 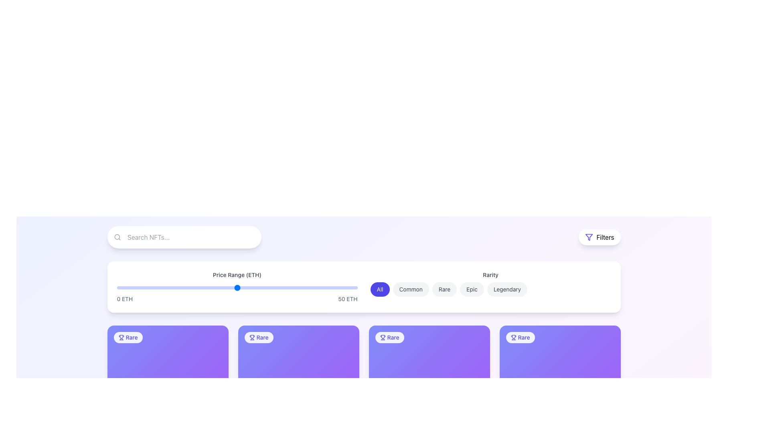 I want to click on the price range slider, so click(x=160, y=287).